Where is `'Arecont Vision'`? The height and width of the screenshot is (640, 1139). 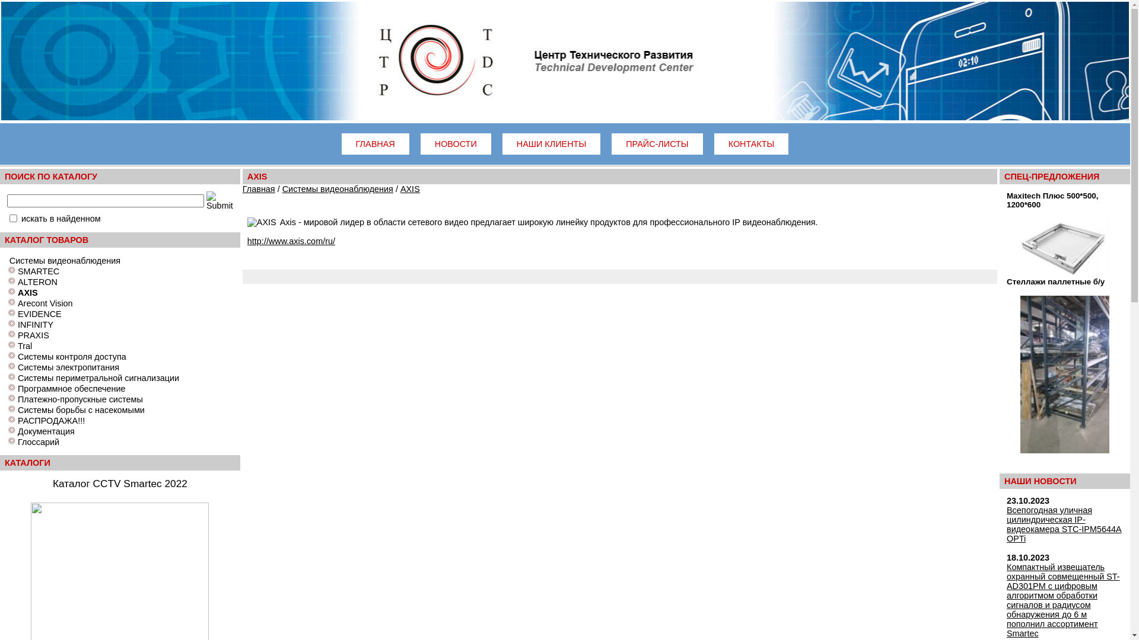
'Arecont Vision' is located at coordinates (45, 303).